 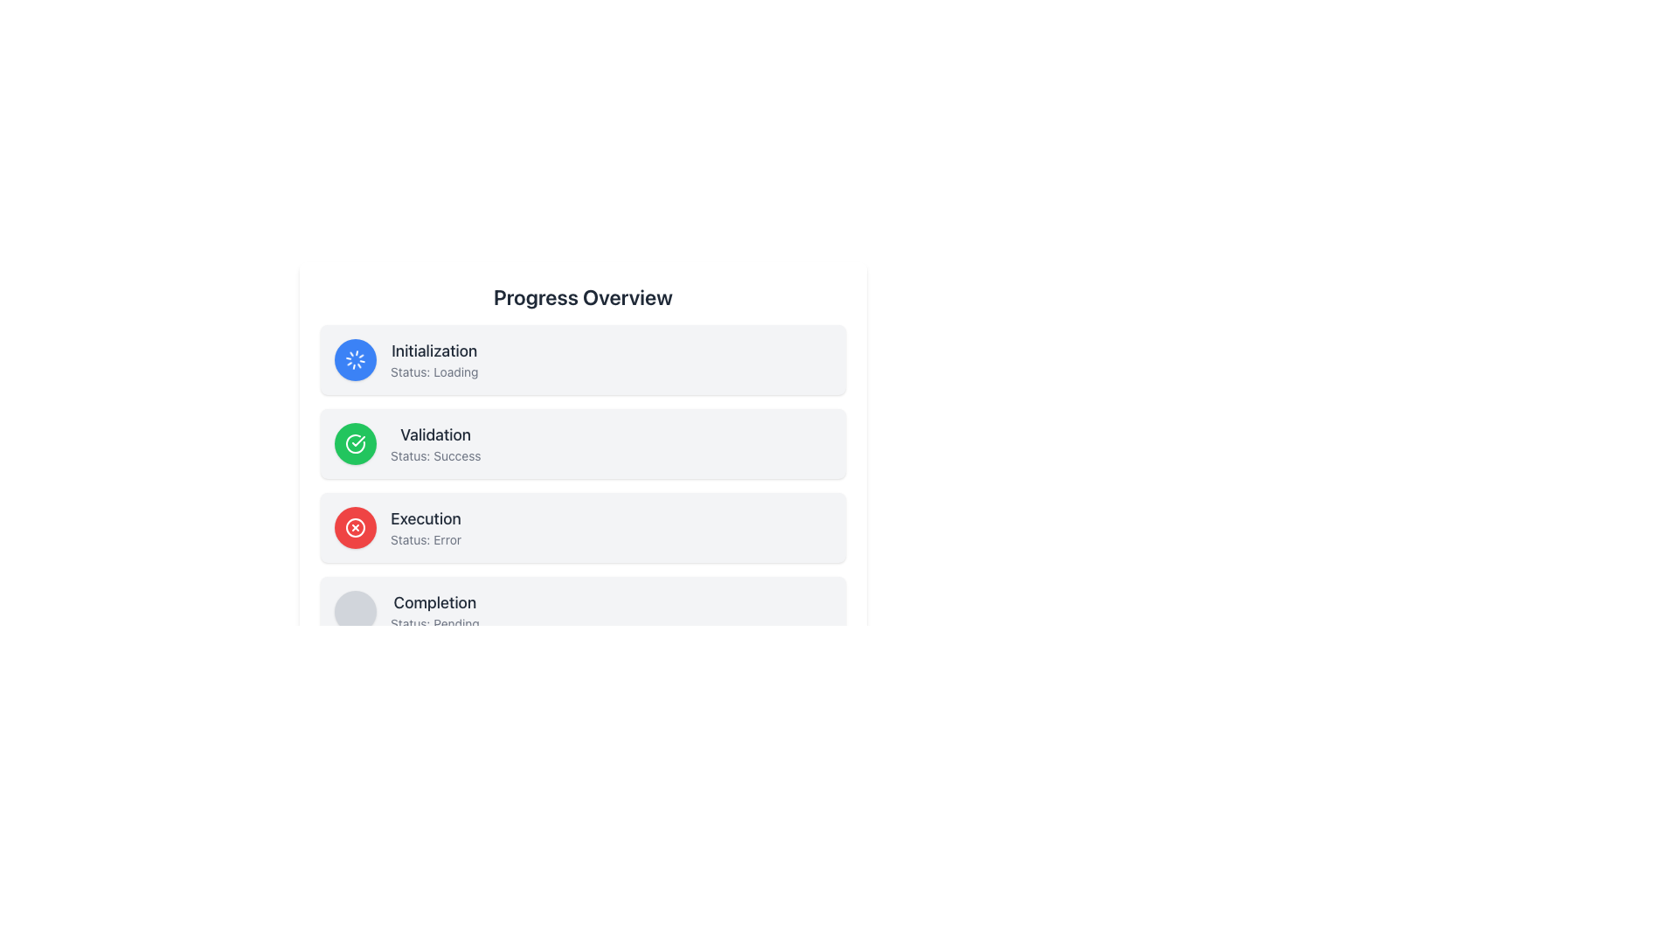 I want to click on the 'Execution' text label with status indicator that reads 'Status: Error', located under the 'Progress Overview' heading, so click(x=426, y=527).